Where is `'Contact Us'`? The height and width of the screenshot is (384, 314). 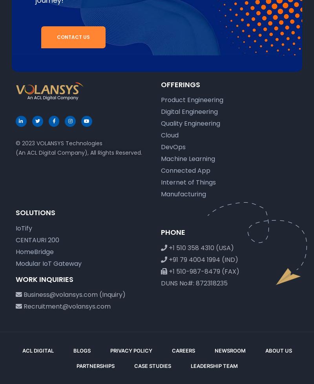 'Contact Us' is located at coordinates (73, 37).